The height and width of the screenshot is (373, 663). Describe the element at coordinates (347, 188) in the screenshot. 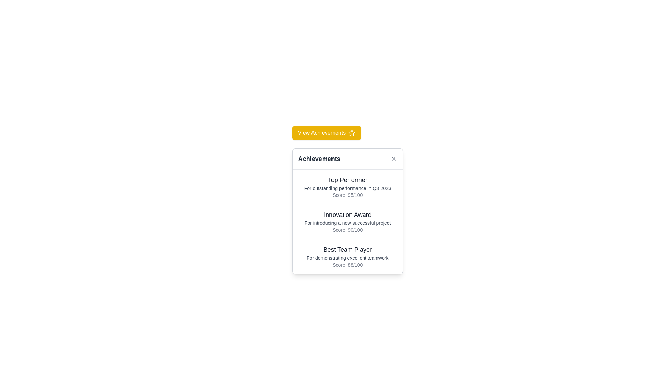

I see `the descriptive text label that provides additional context about the top performer's recognition award, located below the title 'Top Performer'` at that location.